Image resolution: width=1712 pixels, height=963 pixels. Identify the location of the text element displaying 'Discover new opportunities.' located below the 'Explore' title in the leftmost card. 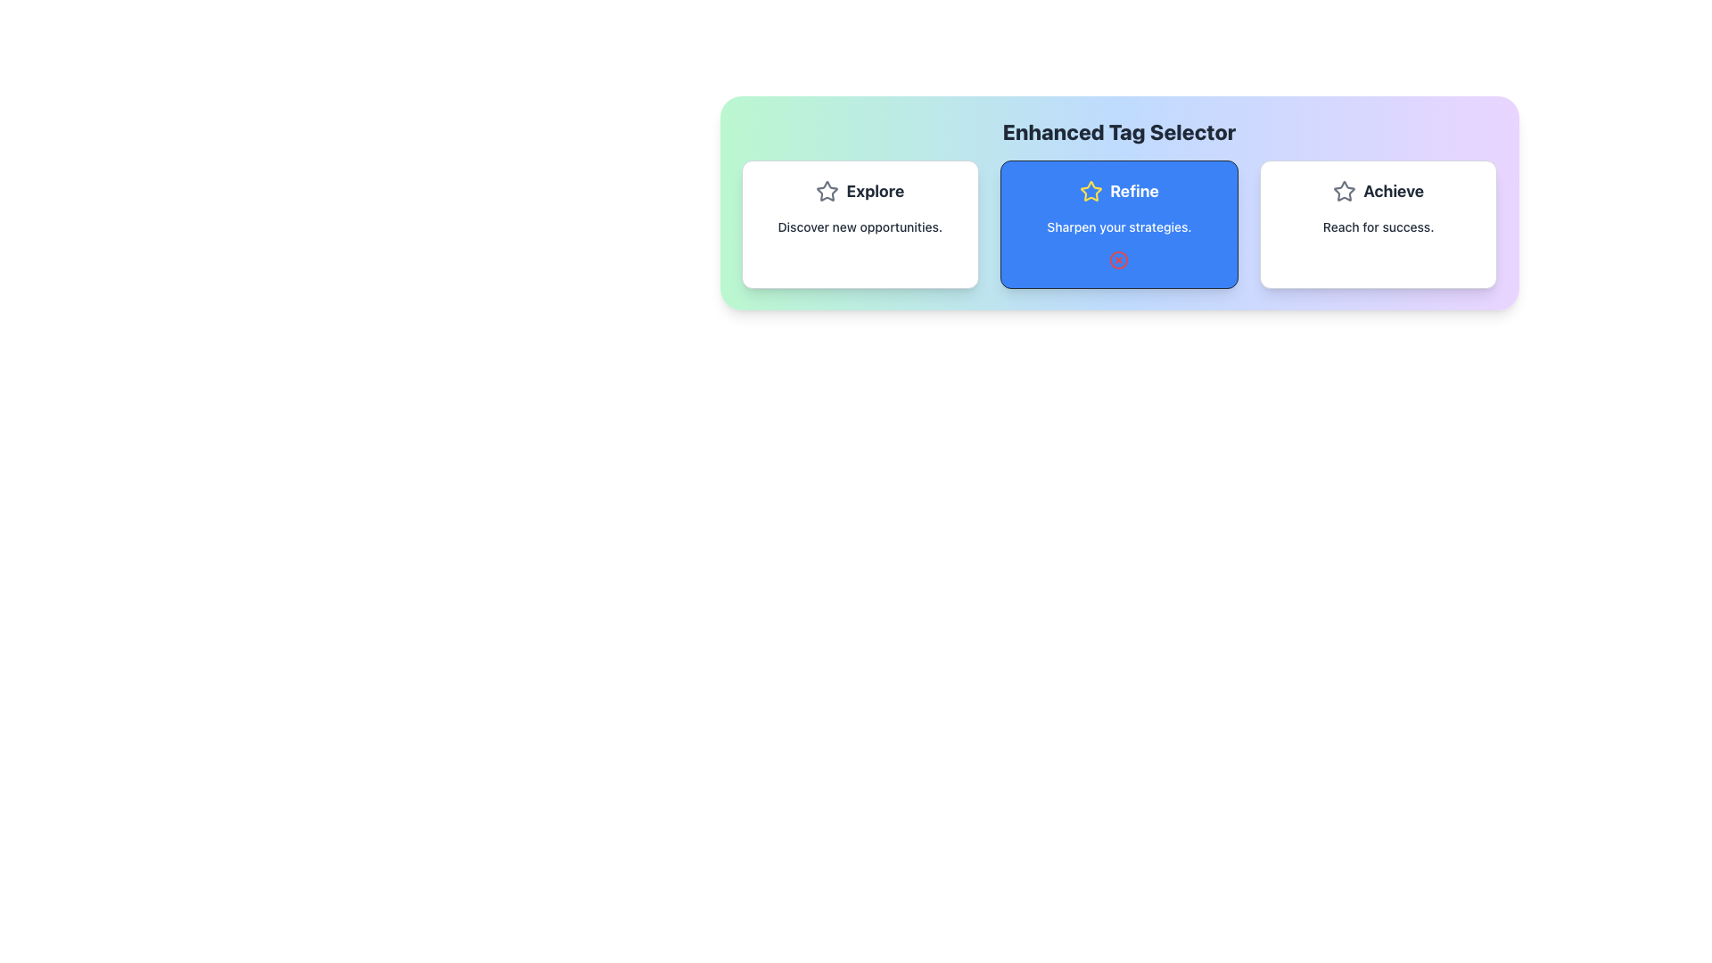
(860, 226).